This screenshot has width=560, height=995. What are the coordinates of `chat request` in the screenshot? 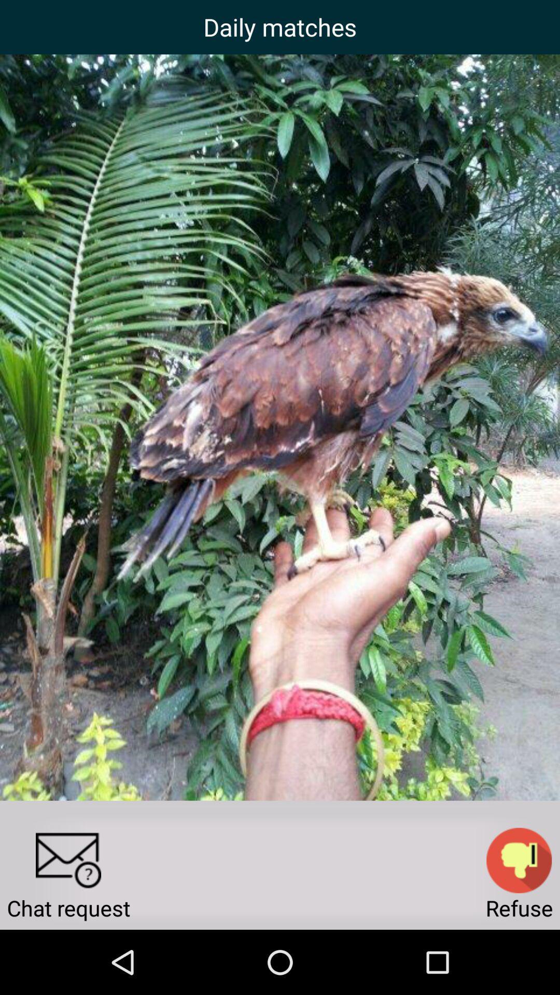 It's located at (68, 860).